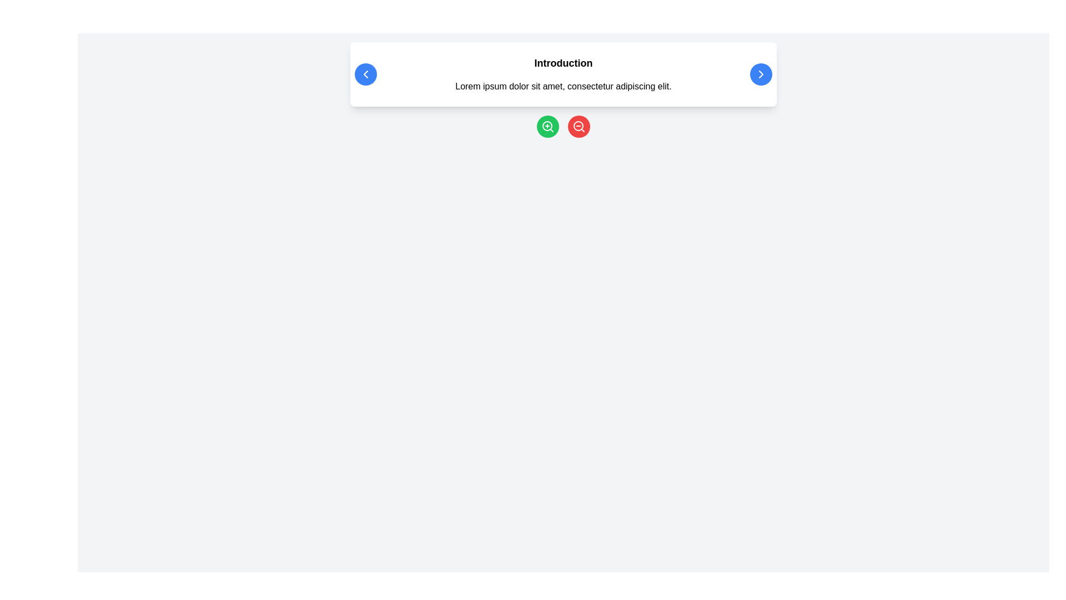 The height and width of the screenshot is (600, 1066). Describe the element at coordinates (547, 126) in the screenshot. I see `the circle in the zoom-in icon, which is part of a magnifying glass icon, located at the center of the icon positioned to the right of a green circular button` at that location.